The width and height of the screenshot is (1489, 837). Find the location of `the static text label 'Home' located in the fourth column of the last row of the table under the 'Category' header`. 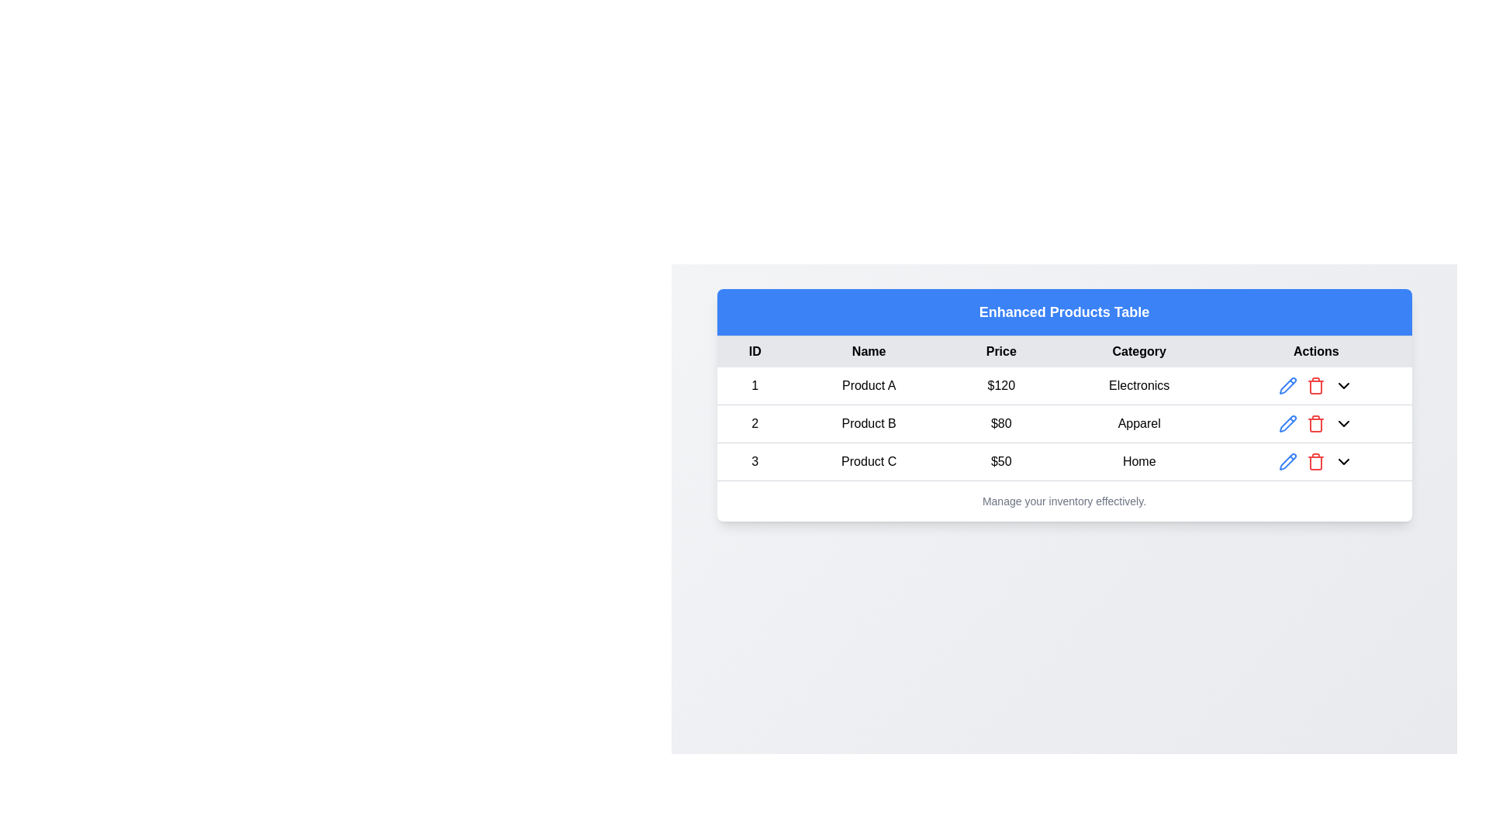

the static text label 'Home' located in the fourth column of the last row of the table under the 'Category' header is located at coordinates (1139, 461).